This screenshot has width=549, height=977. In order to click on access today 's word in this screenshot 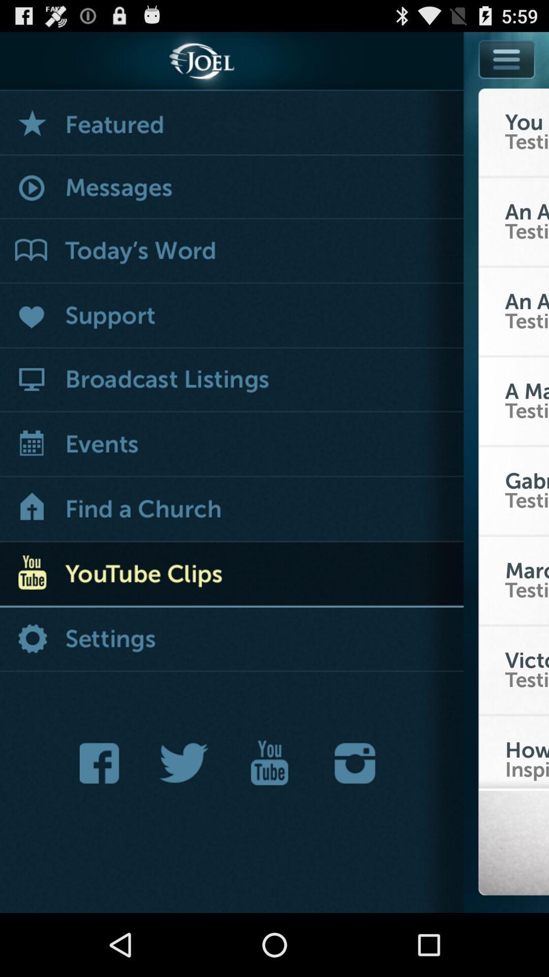, I will do `click(231, 251)`.